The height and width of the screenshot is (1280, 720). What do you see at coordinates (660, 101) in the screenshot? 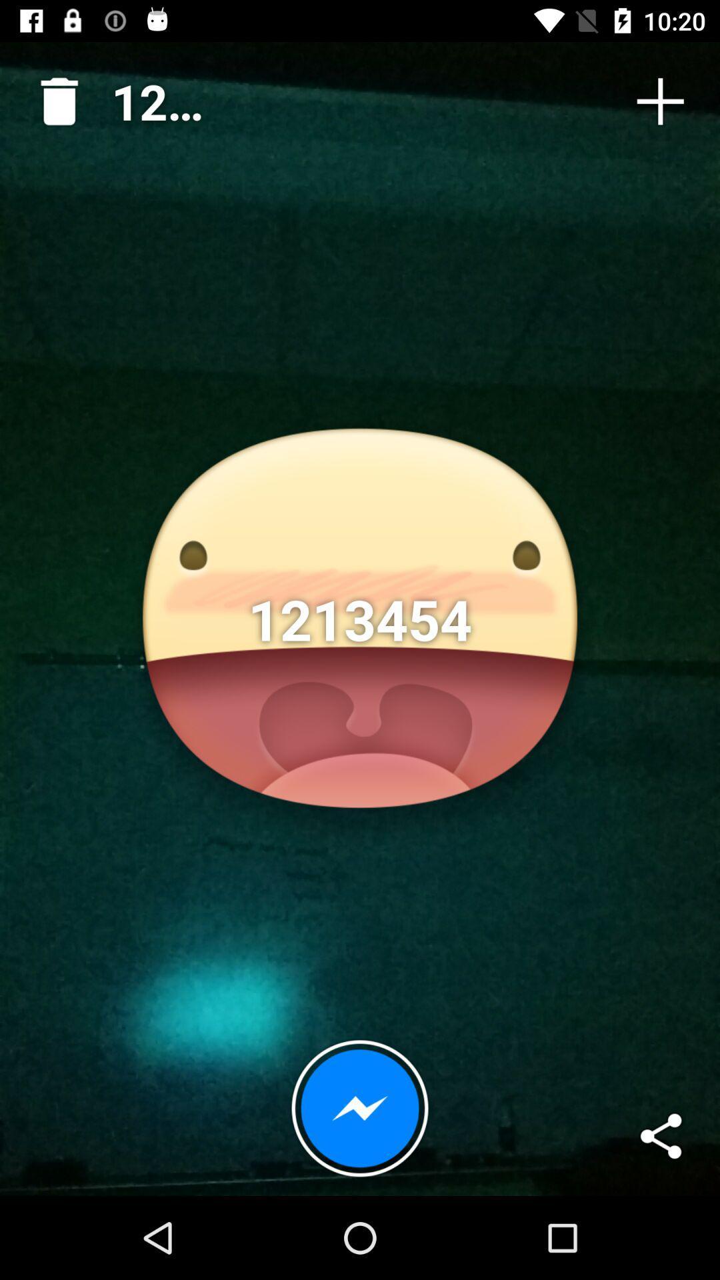
I see `the item to the right of 1213454 icon` at bounding box center [660, 101].